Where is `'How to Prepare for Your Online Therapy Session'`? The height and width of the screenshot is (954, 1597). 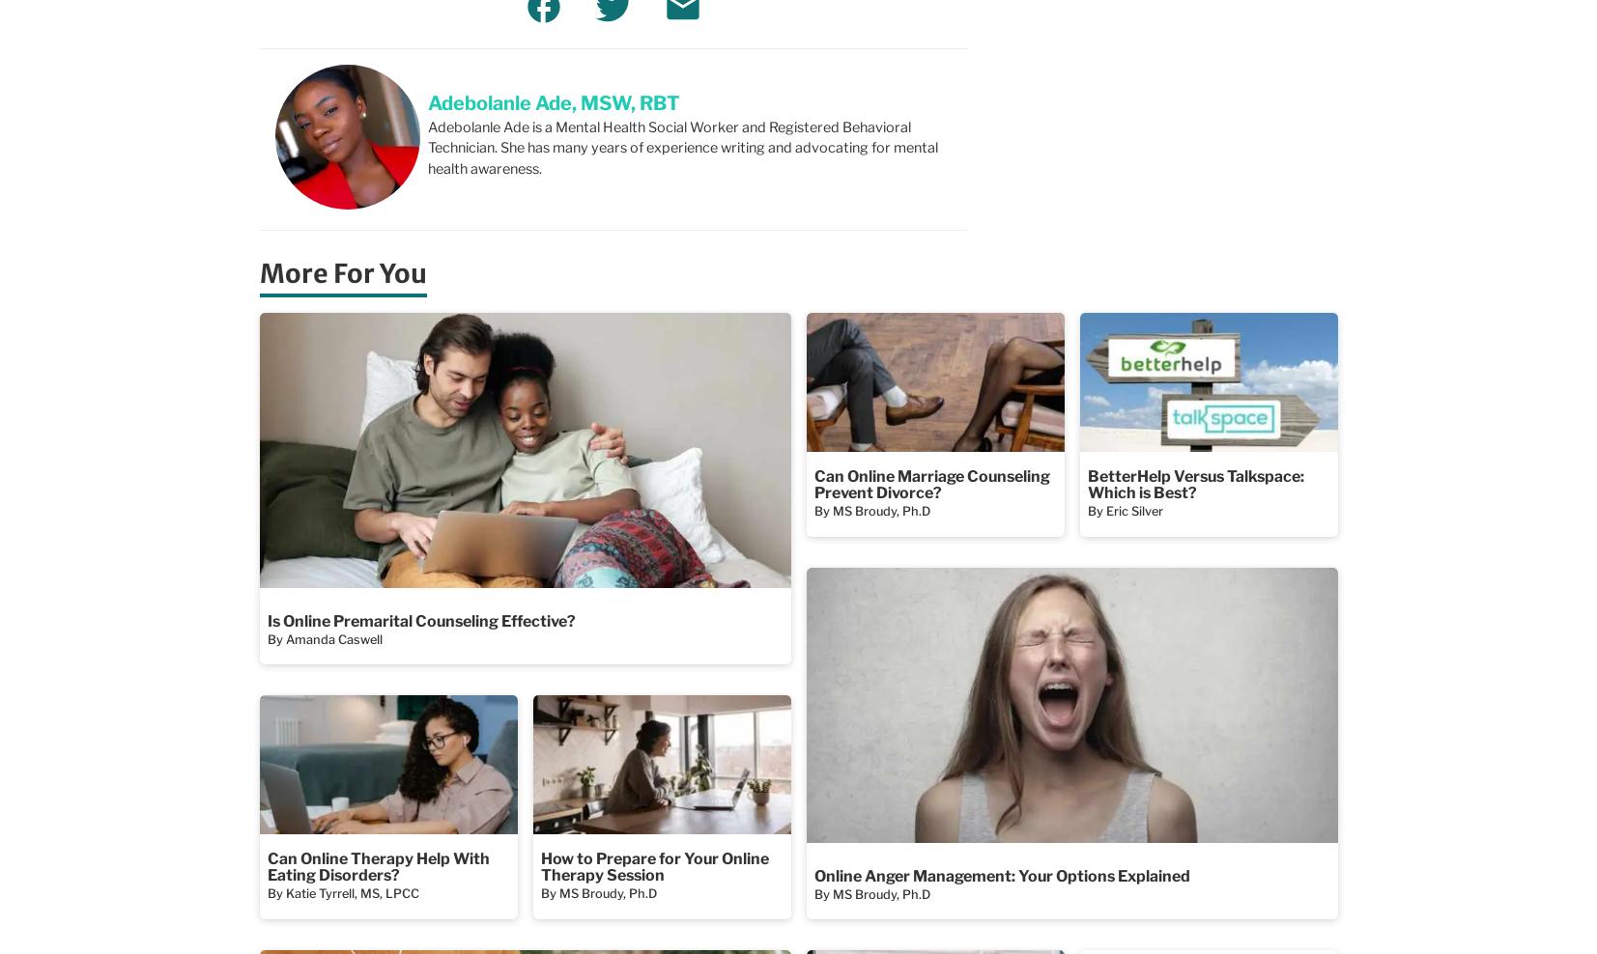
'How to Prepare for Your Online Therapy Session' is located at coordinates (539, 865).